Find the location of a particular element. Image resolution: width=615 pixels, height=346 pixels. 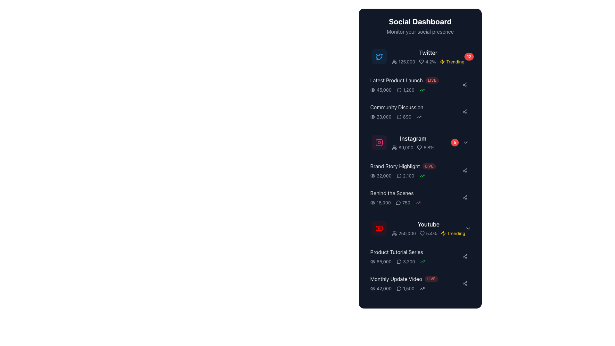

text label 'Product Tutorial Series' which is located in the lower right quadrant of the interface, within the 'Youtube' section of a dark-colored panel is located at coordinates (396, 251).